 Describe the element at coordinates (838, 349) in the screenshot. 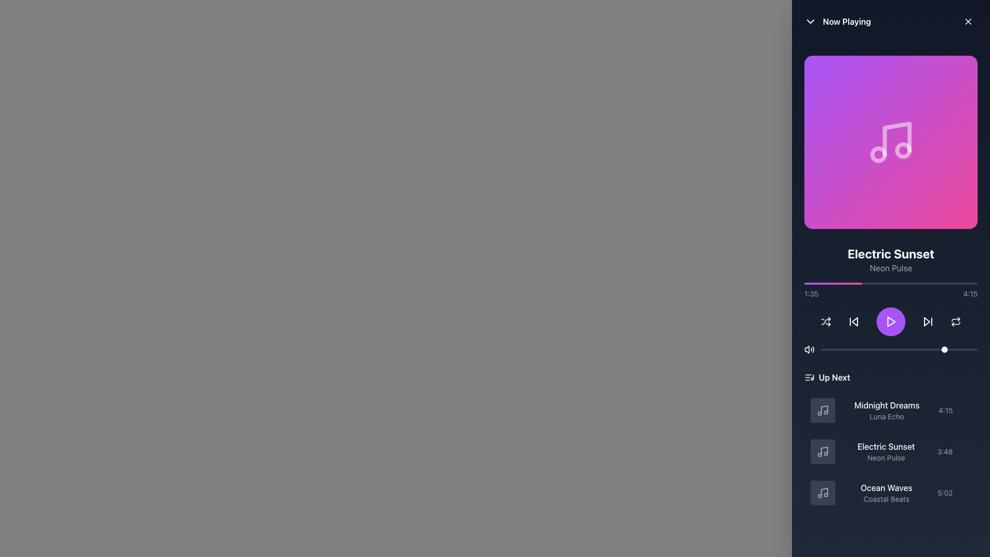

I see `the volume slider` at that location.